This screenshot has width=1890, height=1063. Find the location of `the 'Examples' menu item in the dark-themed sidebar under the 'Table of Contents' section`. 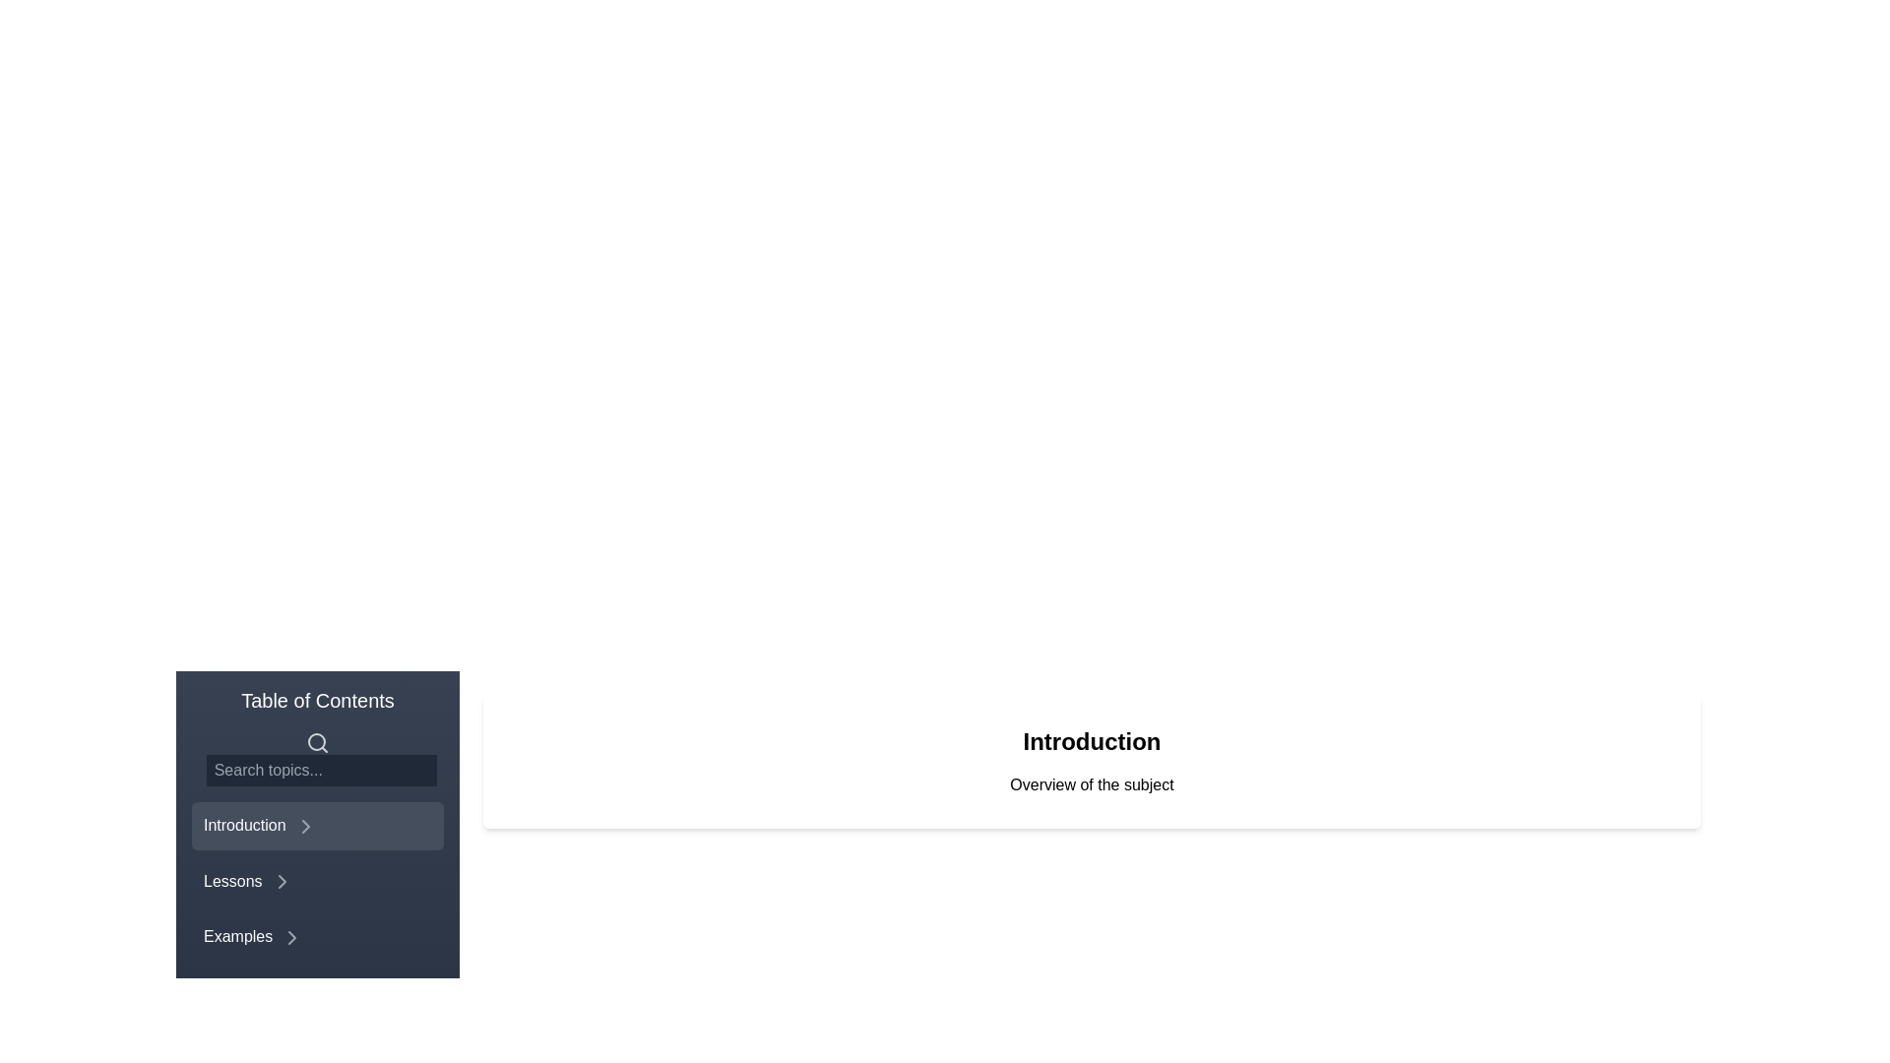

the 'Examples' menu item in the dark-themed sidebar under the 'Table of Contents' section is located at coordinates (317, 913).